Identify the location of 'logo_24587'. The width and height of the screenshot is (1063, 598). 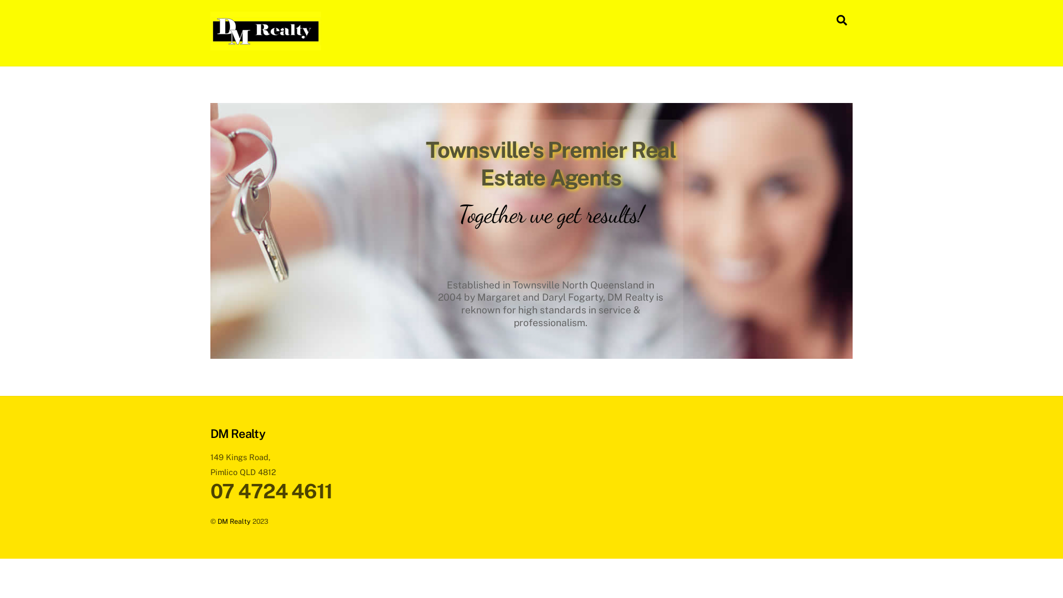
(266, 30).